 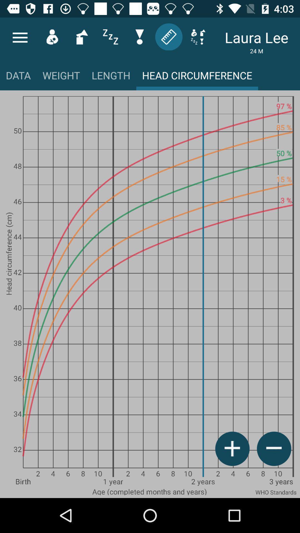 I want to click on the icon which is towards right side to the more  option, so click(x=52, y=37).